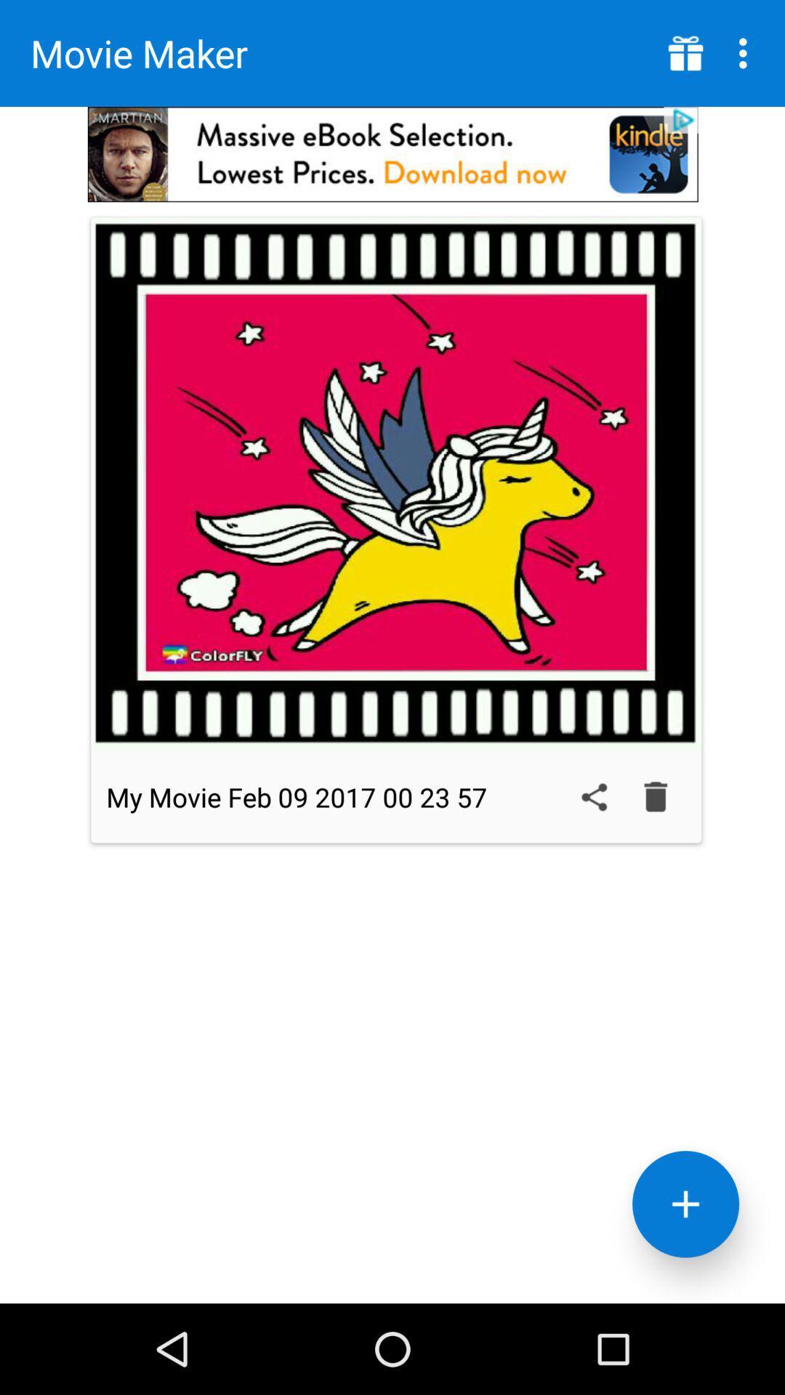 The width and height of the screenshot is (785, 1395). Describe the element at coordinates (685, 53) in the screenshot. I see `gift` at that location.